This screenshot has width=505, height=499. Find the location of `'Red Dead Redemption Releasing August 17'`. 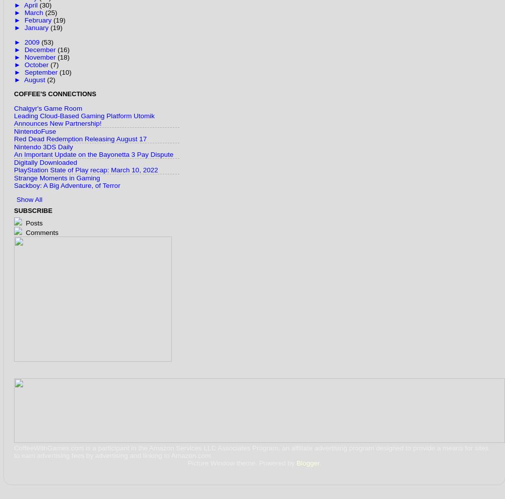

'Red Dead Redemption Releasing August 17' is located at coordinates (80, 138).